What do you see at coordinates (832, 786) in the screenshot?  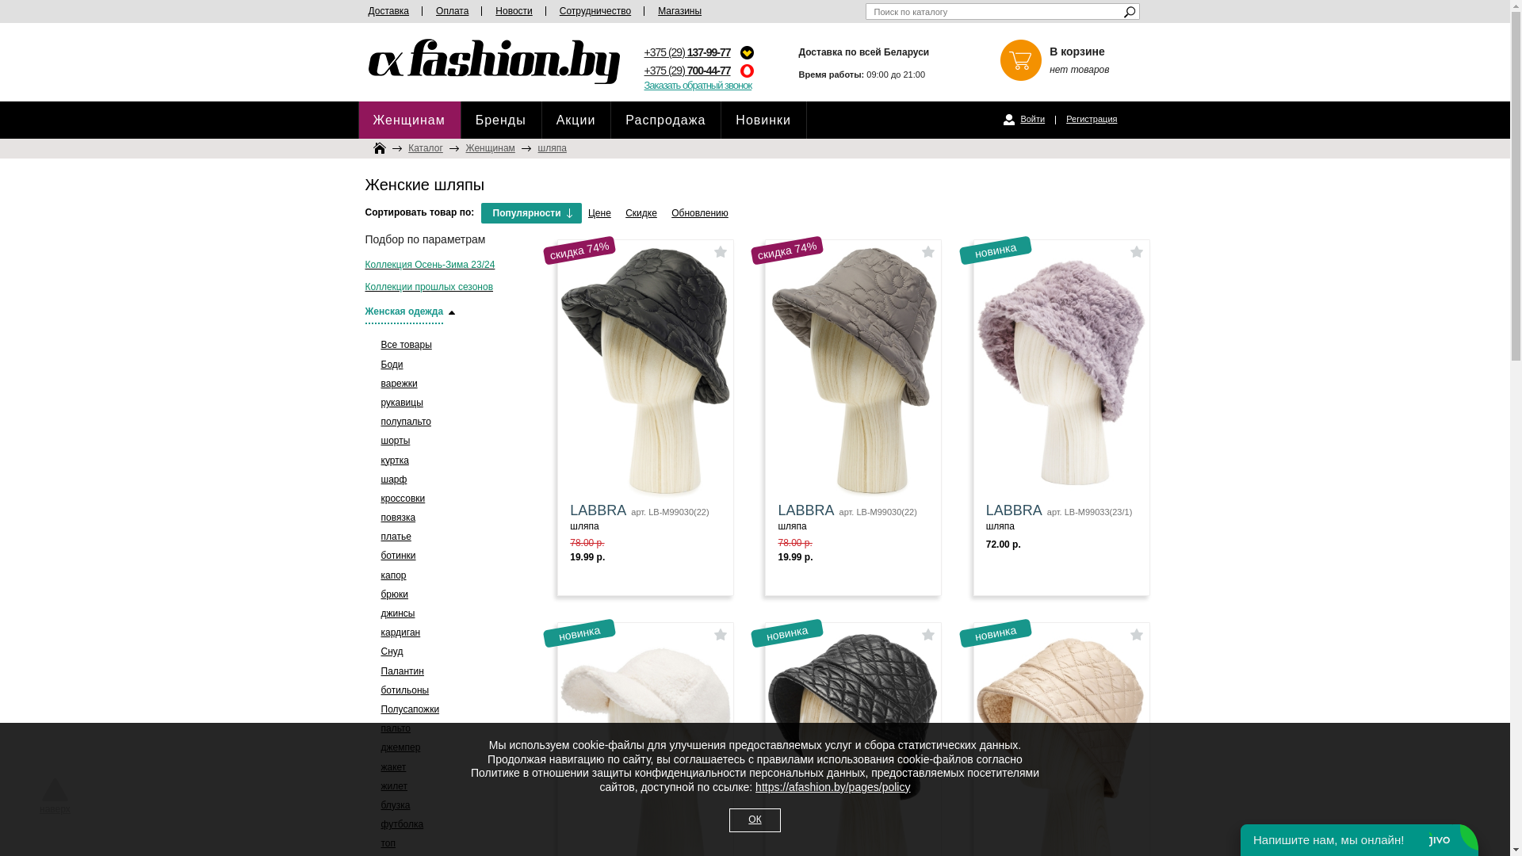 I see `'https://afashion.by/pages/policy'` at bounding box center [832, 786].